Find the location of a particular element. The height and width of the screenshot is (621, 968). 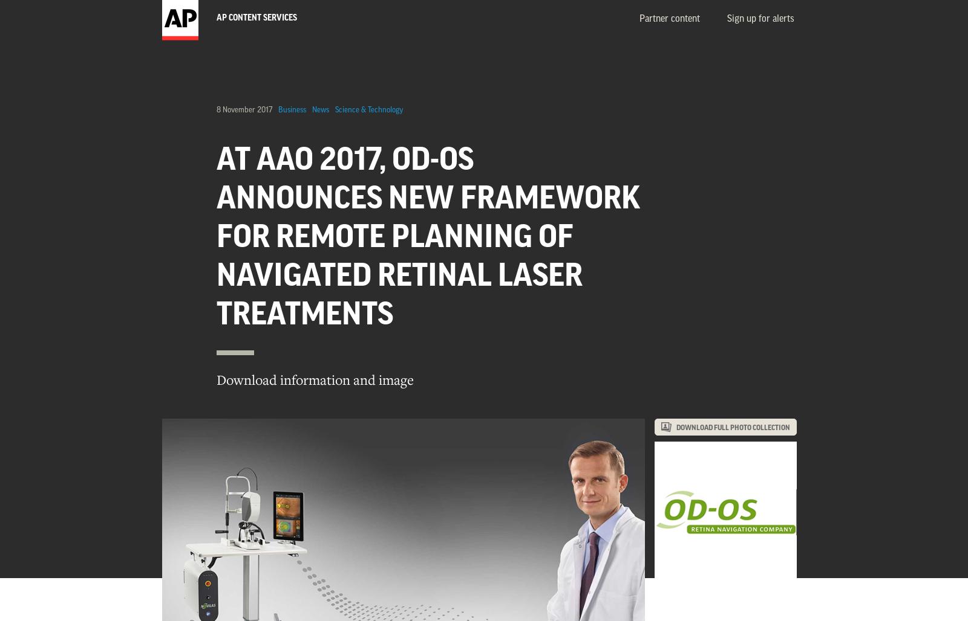

'Sign
                            up for alerts' is located at coordinates (759, 19).